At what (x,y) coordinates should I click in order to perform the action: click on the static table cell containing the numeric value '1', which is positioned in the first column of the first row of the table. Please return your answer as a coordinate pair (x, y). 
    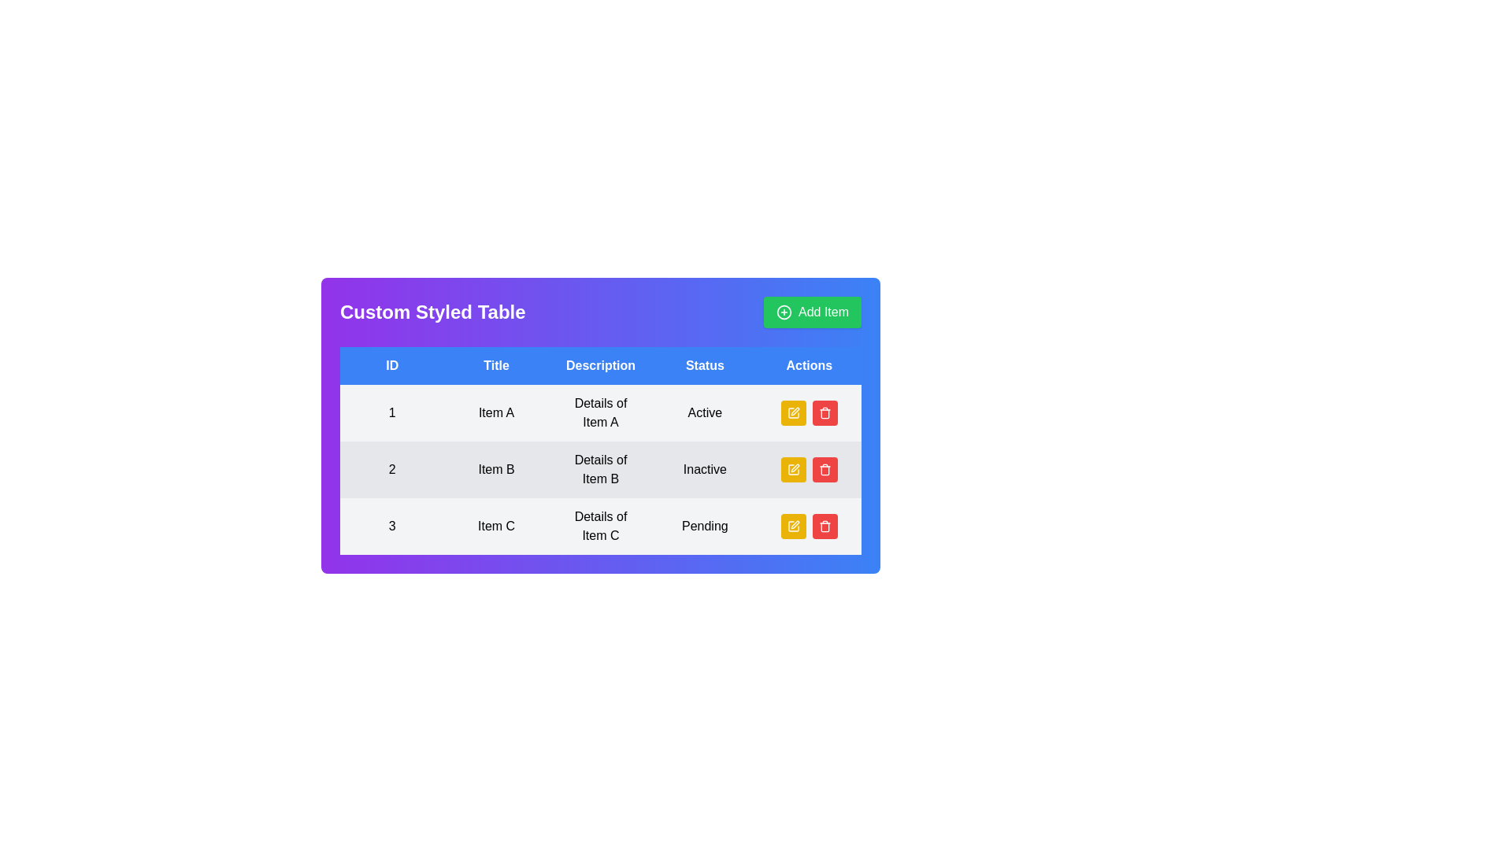
    Looking at the image, I should click on (392, 412).